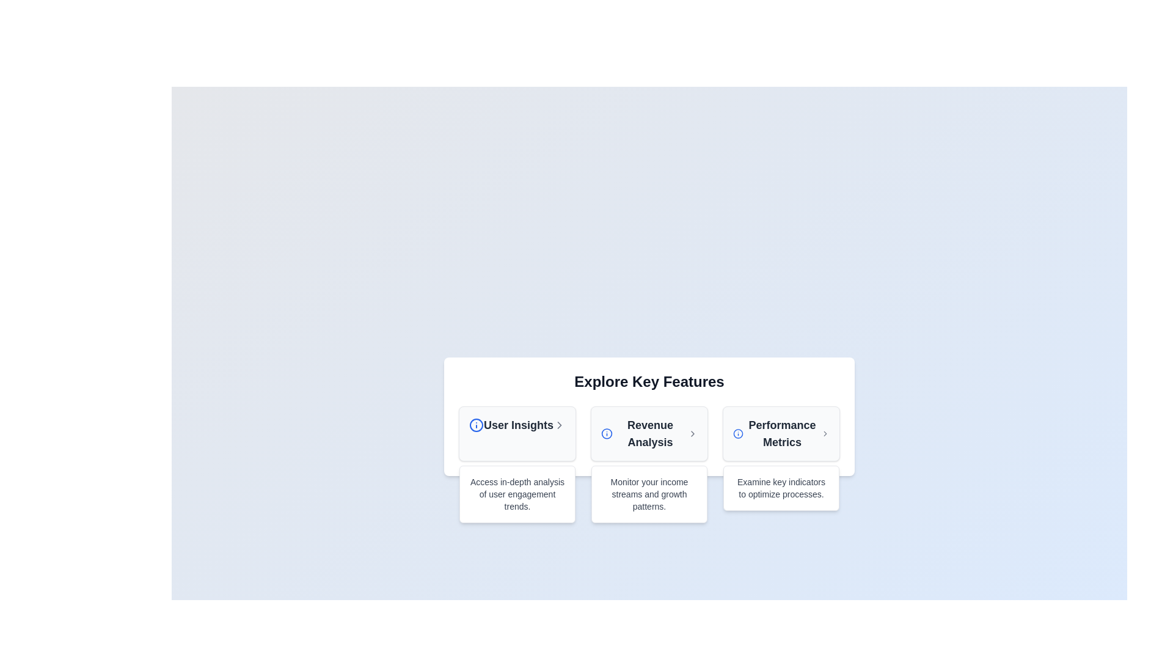 Image resolution: width=1173 pixels, height=660 pixels. I want to click on the Information Icon located to the left of the 'User Insights' text within the card-like structure in the leftmost column of the layout, so click(475, 424).